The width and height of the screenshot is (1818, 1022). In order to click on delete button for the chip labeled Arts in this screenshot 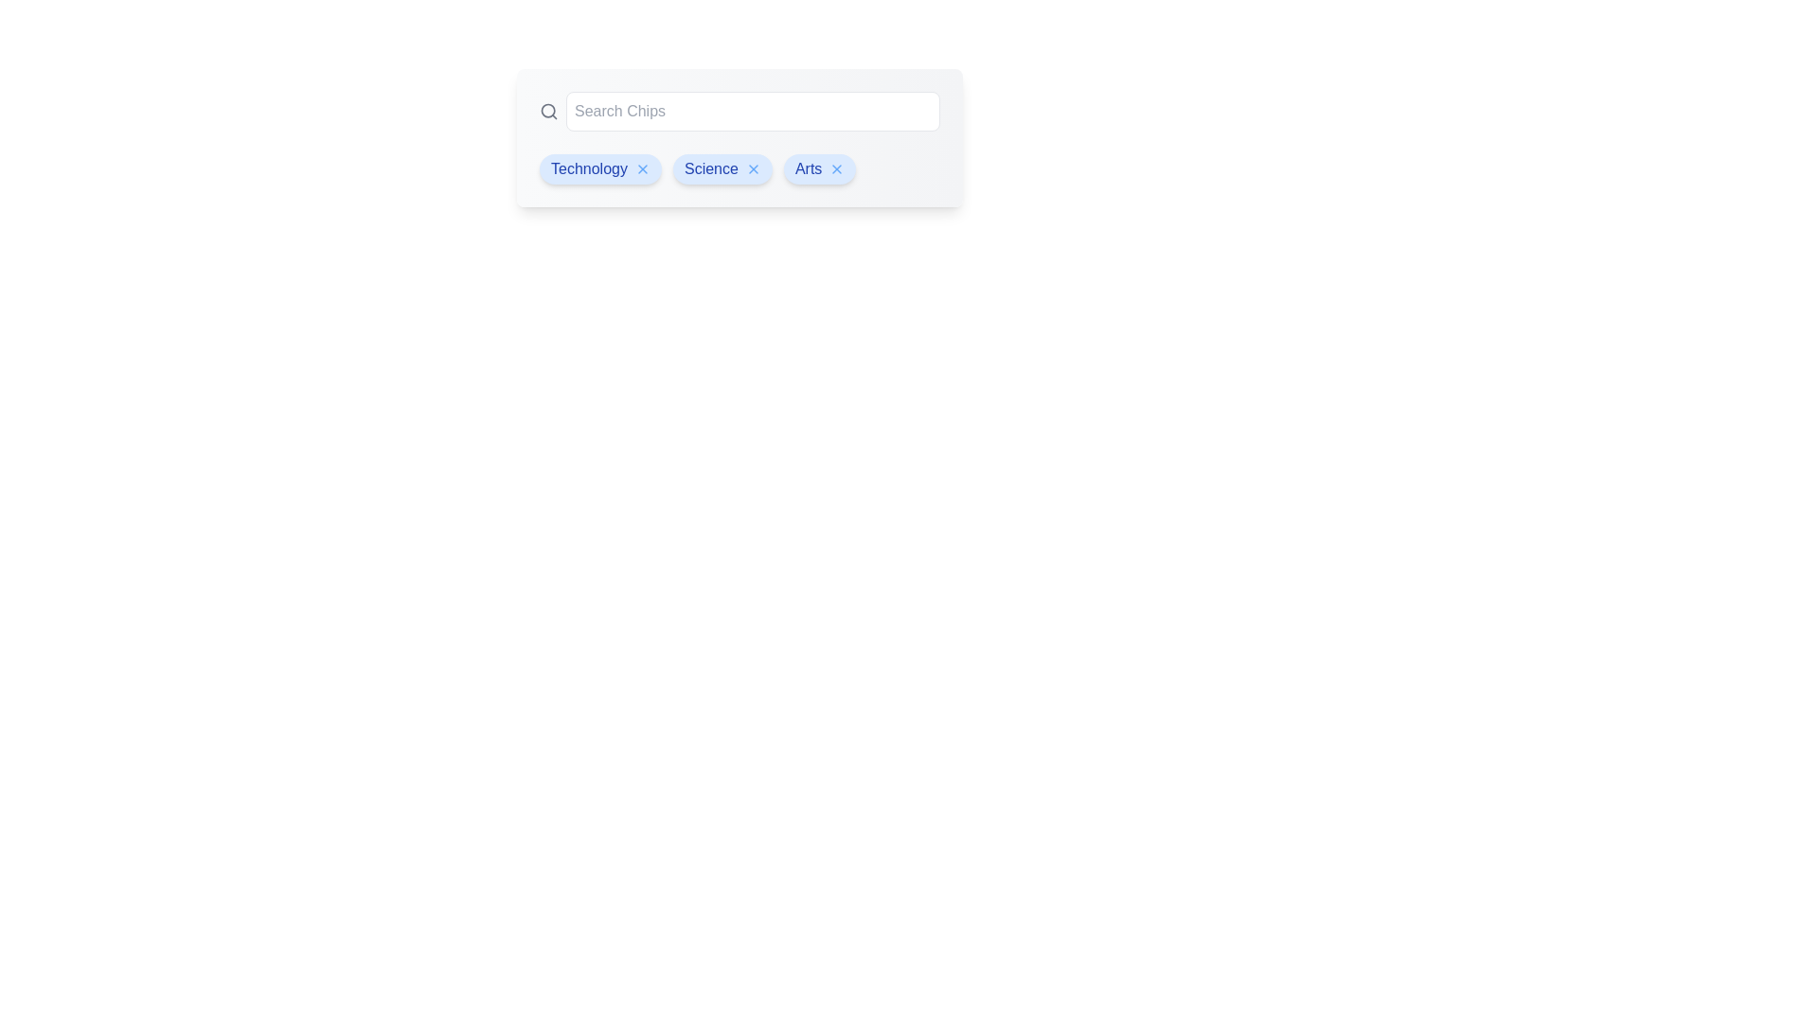, I will do `click(836, 167)`.